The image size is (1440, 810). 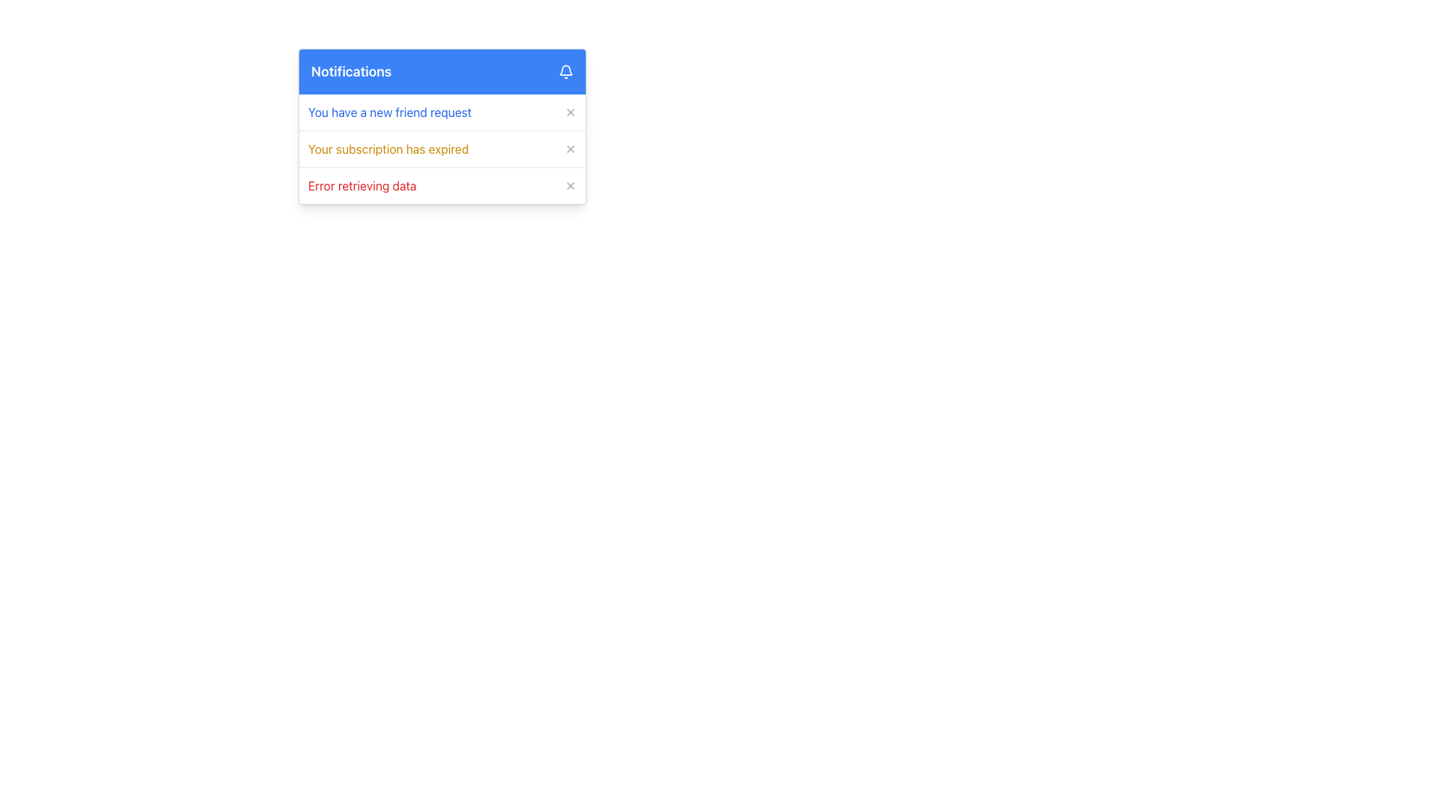 I want to click on the text label that notifies the user of a new friend request, located within the notification card under the heading 'Notifications.', so click(x=389, y=112).